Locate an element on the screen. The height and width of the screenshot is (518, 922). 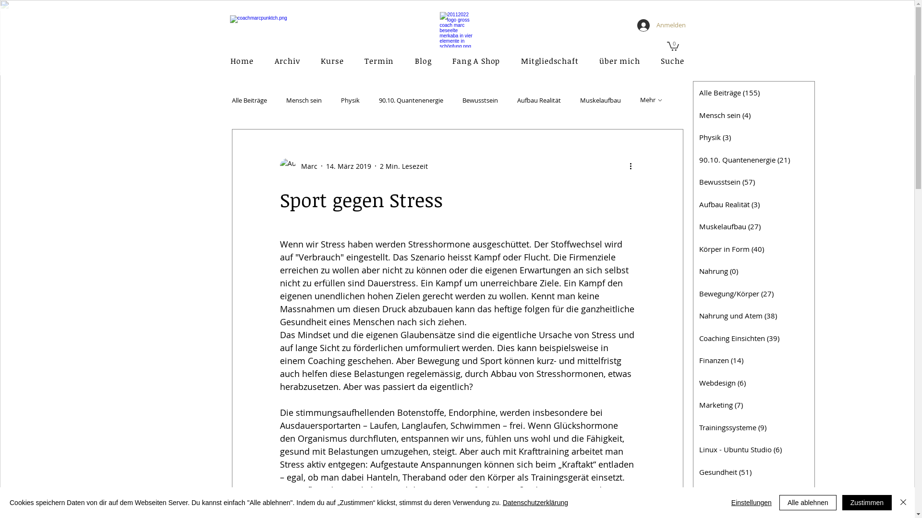
'Blog' is located at coordinates (423, 61).